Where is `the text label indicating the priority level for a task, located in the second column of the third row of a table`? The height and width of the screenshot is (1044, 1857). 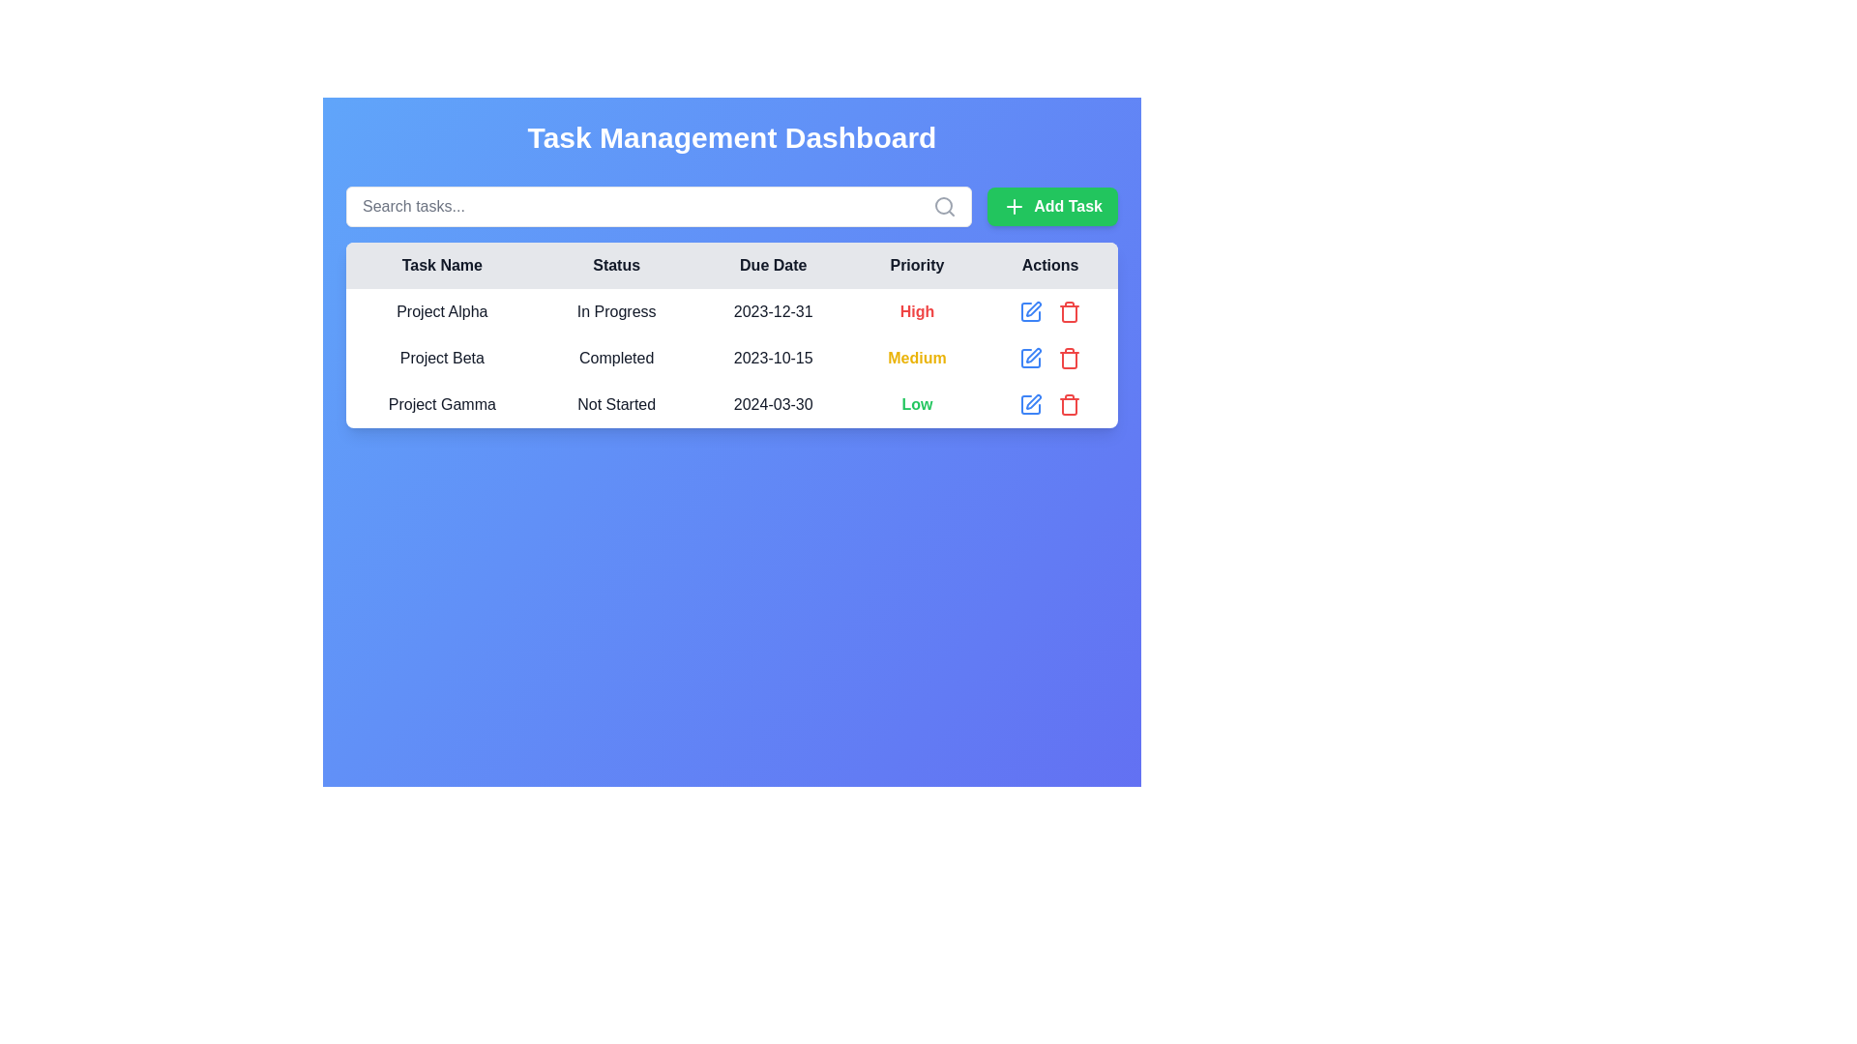 the text label indicating the priority level for a task, located in the second column of the third row of a table is located at coordinates (916, 310).